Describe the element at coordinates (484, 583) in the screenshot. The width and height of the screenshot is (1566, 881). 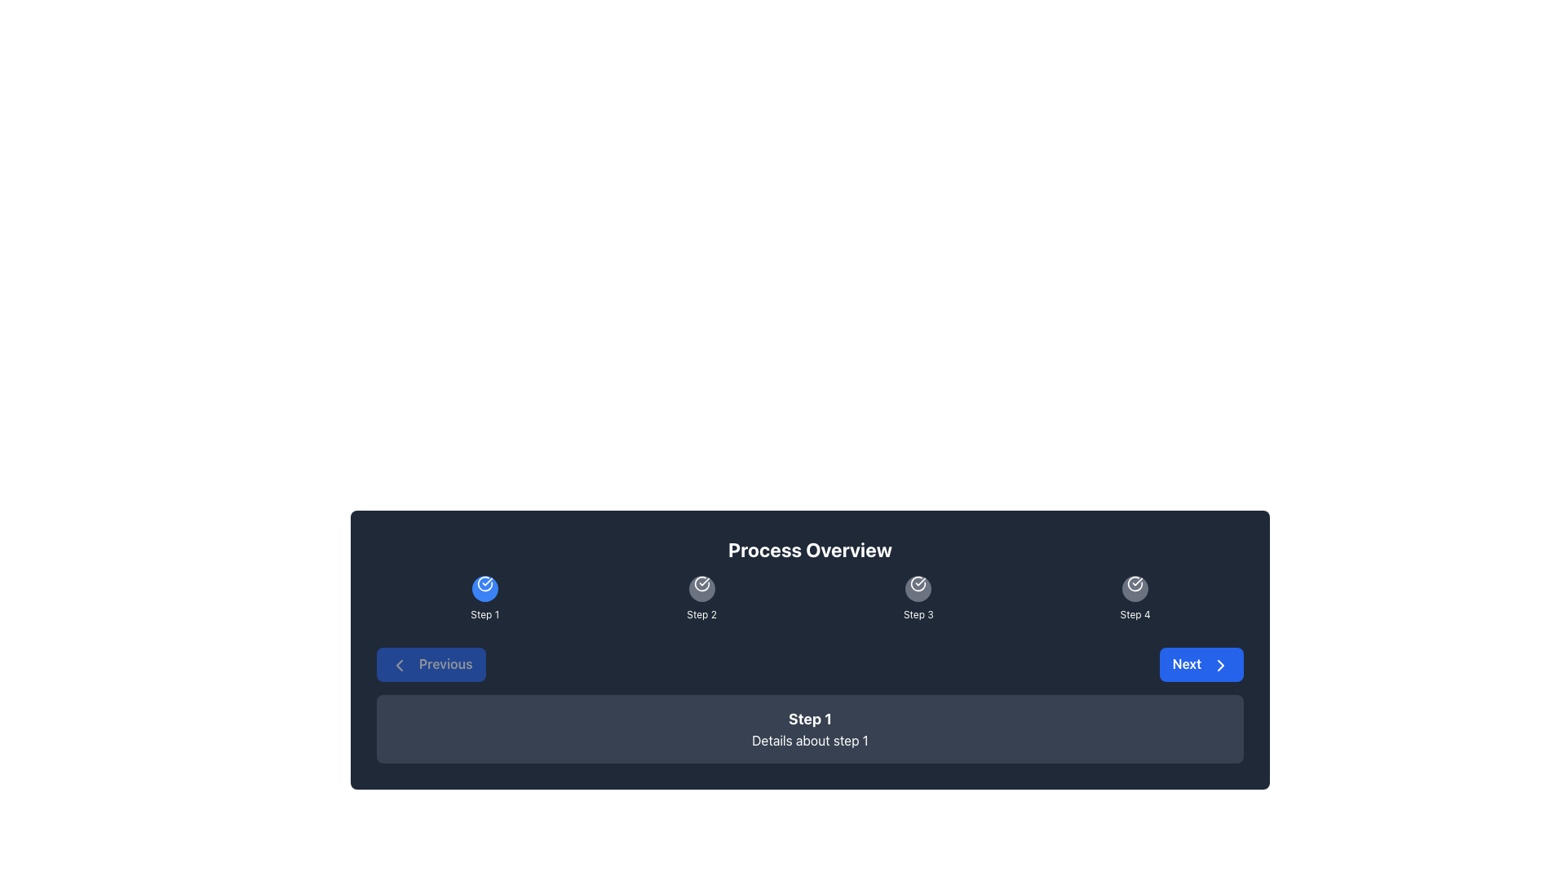
I see `the circular blue icon labeled 'Step 1' which contains a checkmark inside, serving as the primary visual indicator` at that location.